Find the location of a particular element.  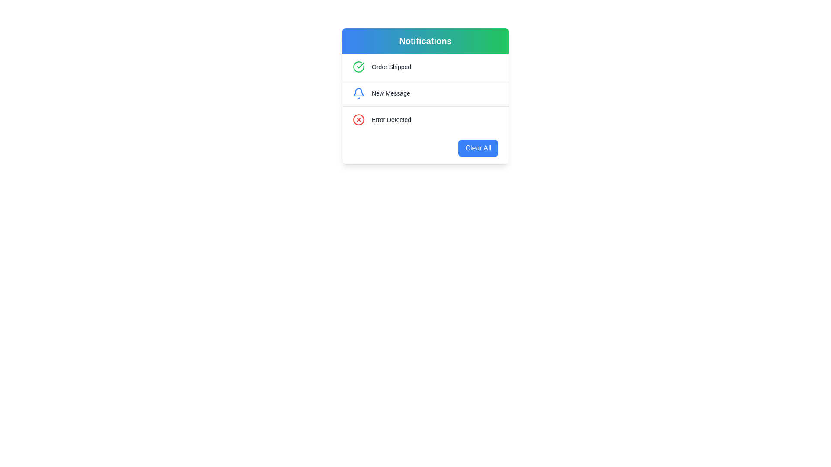

the second notification entry styled as a 'New Message' in the notification panel is located at coordinates (425, 93).